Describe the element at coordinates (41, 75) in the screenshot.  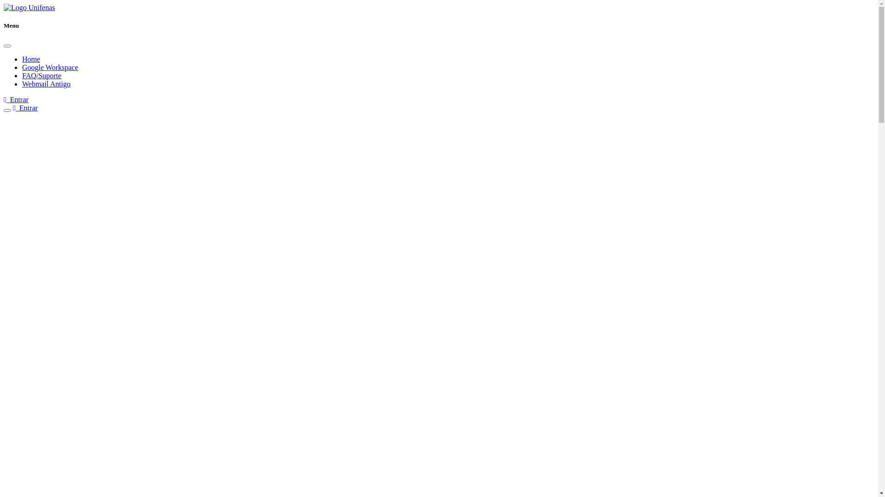
I see `'FAQ/Suporte'` at that location.